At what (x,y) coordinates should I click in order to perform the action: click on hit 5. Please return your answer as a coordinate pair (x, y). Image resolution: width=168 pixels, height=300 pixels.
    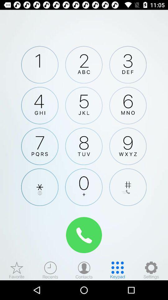
    Looking at the image, I should click on (84, 105).